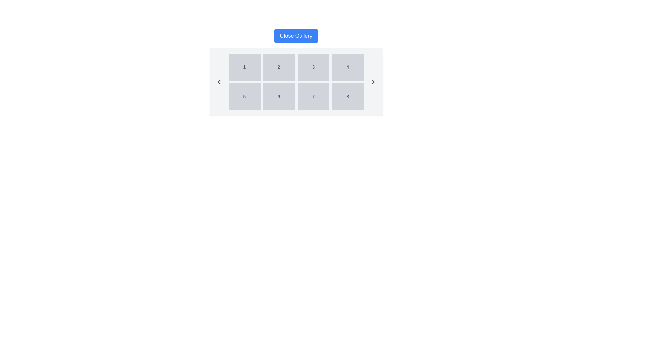  Describe the element at coordinates (373, 82) in the screenshot. I see `the right-pointing arrow button` at that location.